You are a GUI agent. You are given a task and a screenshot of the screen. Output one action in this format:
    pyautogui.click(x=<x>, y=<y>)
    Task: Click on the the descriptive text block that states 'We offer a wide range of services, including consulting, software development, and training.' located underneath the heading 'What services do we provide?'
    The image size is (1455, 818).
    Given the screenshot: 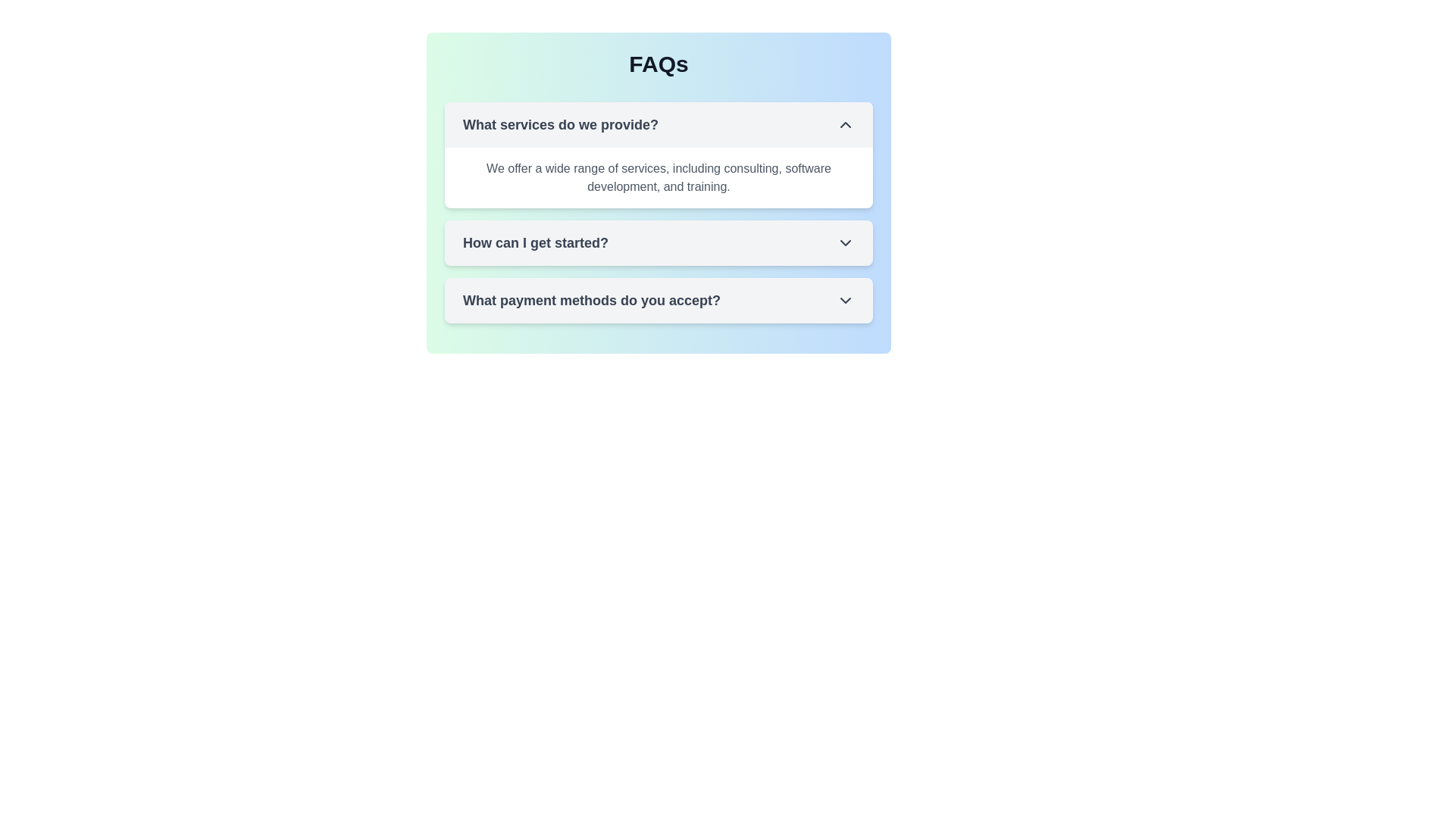 What is the action you would take?
    pyautogui.click(x=659, y=177)
    